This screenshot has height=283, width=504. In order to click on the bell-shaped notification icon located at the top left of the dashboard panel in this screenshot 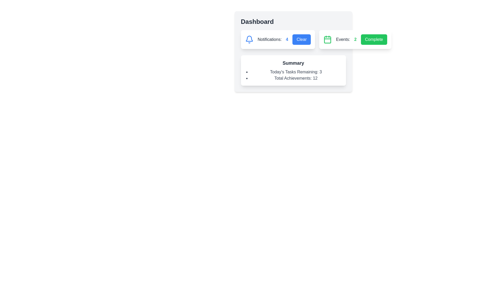, I will do `click(249, 38)`.